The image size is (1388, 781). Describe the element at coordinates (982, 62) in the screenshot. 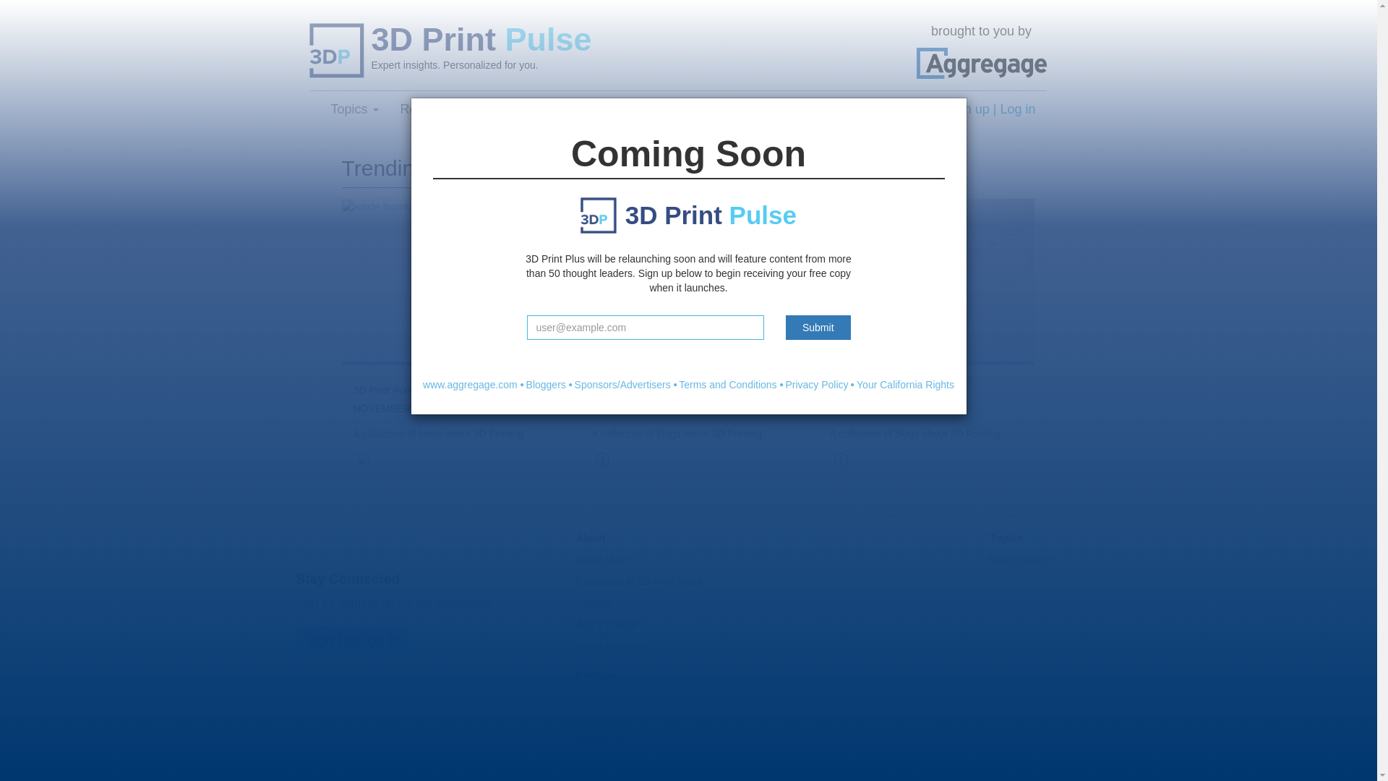

I see `'Aggregage'` at that location.